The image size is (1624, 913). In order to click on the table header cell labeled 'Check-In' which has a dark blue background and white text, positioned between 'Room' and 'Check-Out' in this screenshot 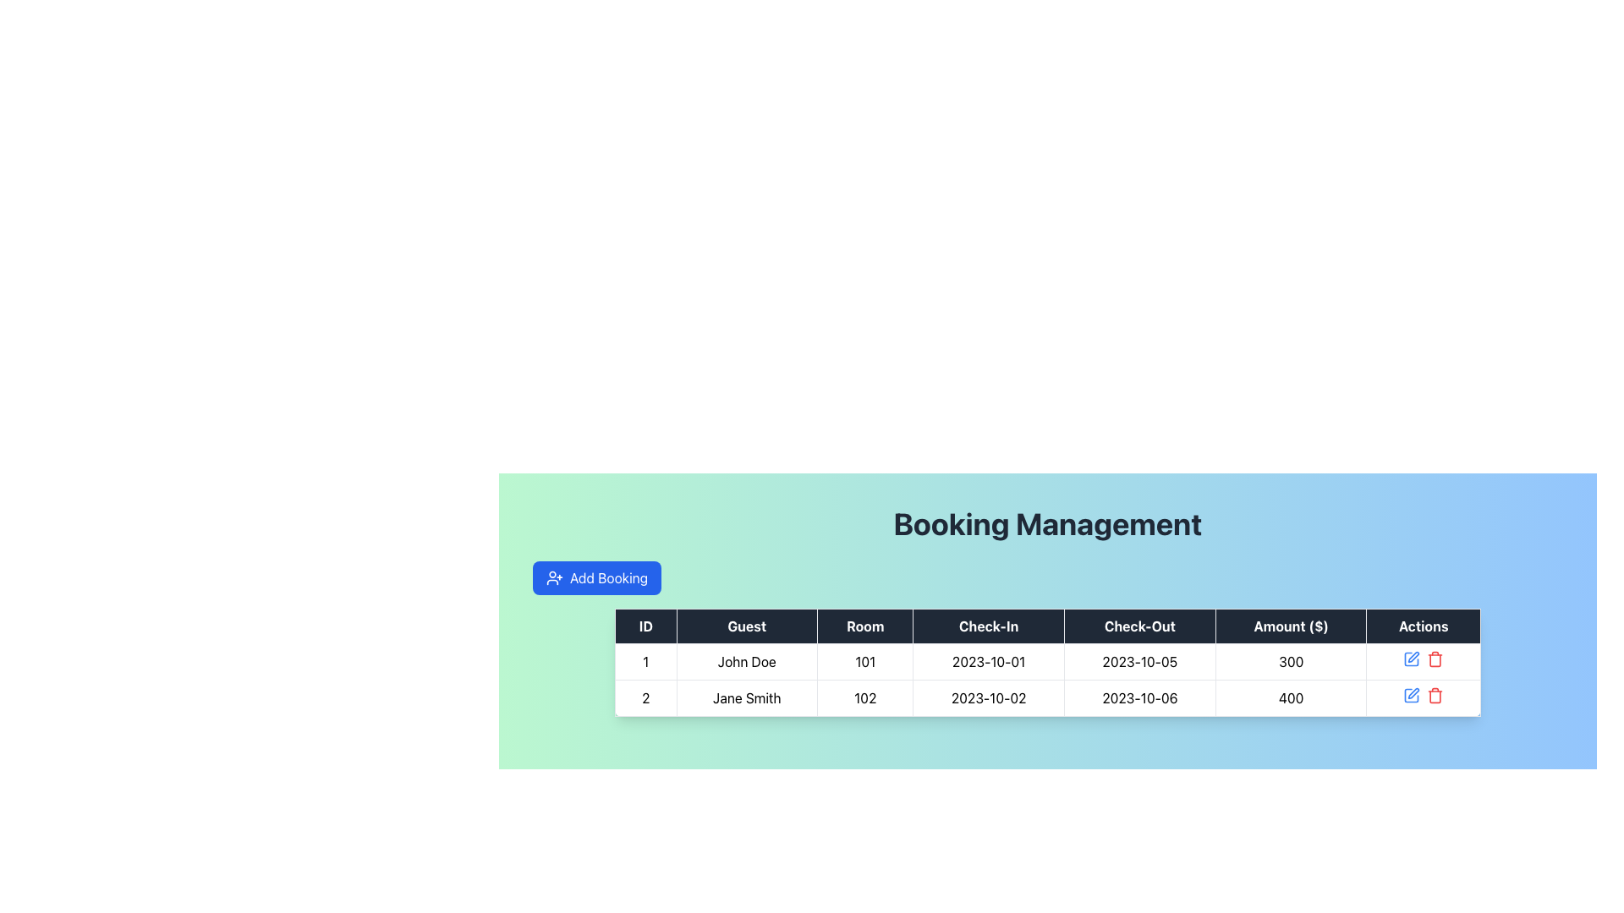, I will do `click(989, 626)`.